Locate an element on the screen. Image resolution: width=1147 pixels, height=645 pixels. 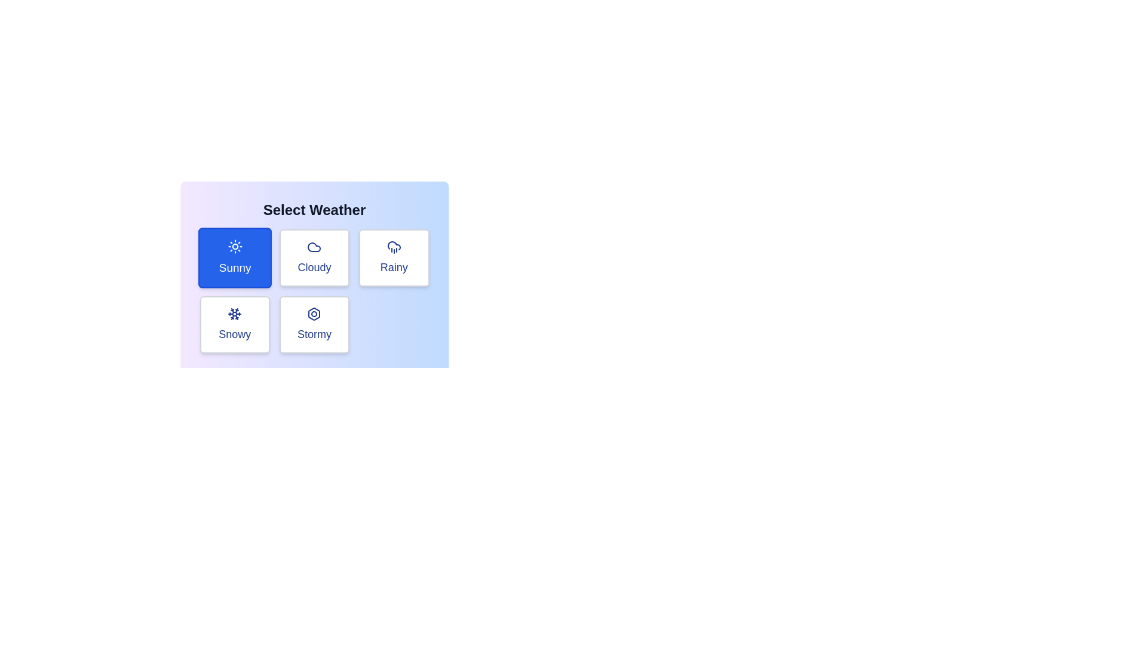
text label that describes the functionality of the 'Rainy' button, which is the third button in the top row of the 2x3 button grid within the 'Select Weather' card interface is located at coordinates (394, 266).